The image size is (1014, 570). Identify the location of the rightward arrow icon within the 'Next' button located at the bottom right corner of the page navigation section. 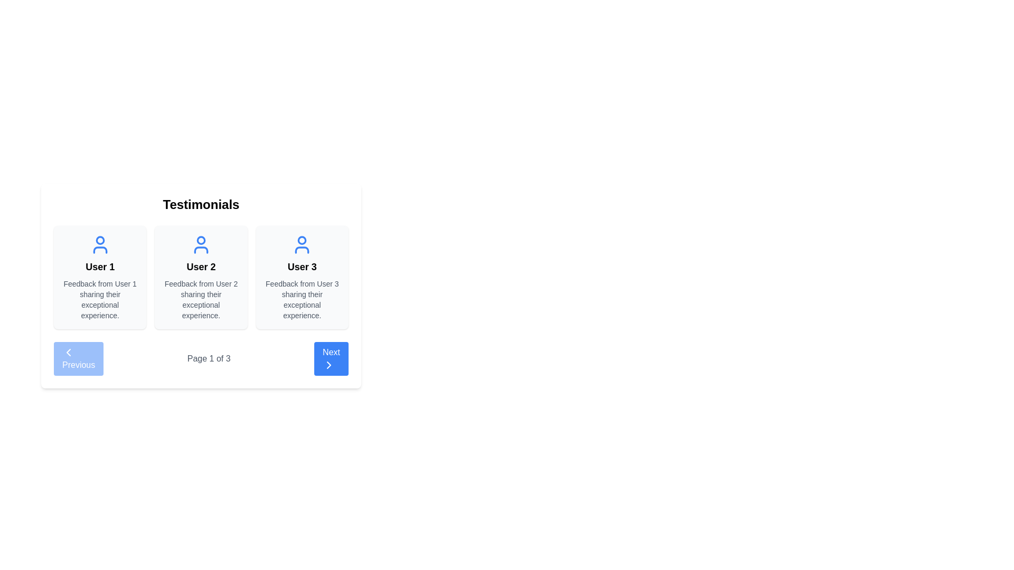
(328, 364).